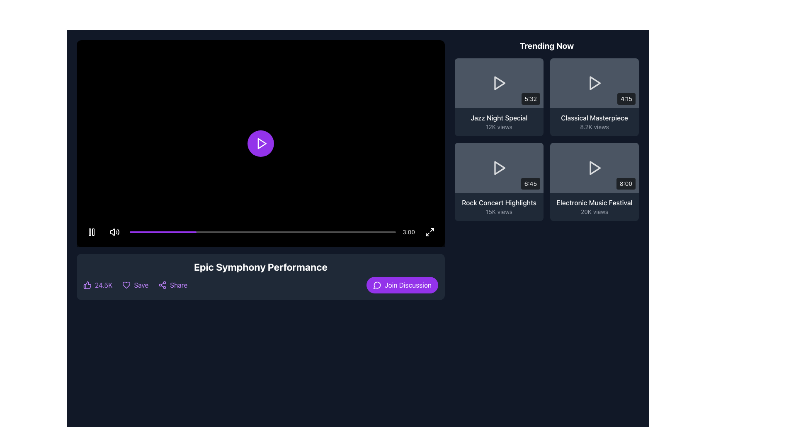  What do you see at coordinates (499, 83) in the screenshot?
I see `the triangular play icon located in the top-left card of the 'Trending Now' section` at bounding box center [499, 83].